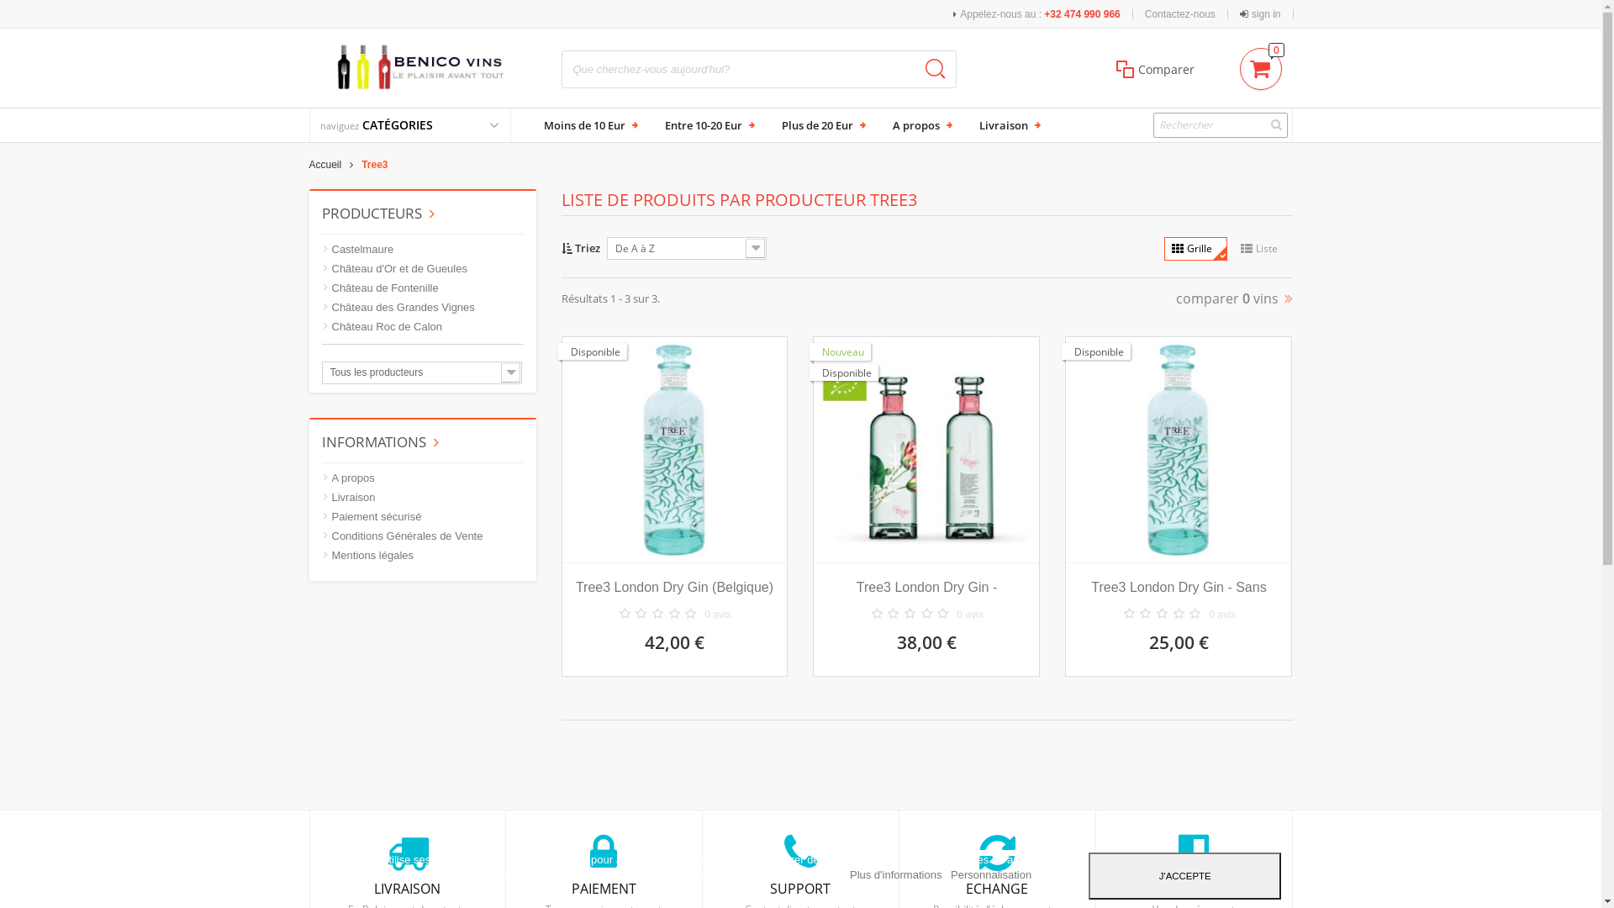 The height and width of the screenshot is (908, 1614). What do you see at coordinates (1194, 249) in the screenshot?
I see `'Grille'` at bounding box center [1194, 249].